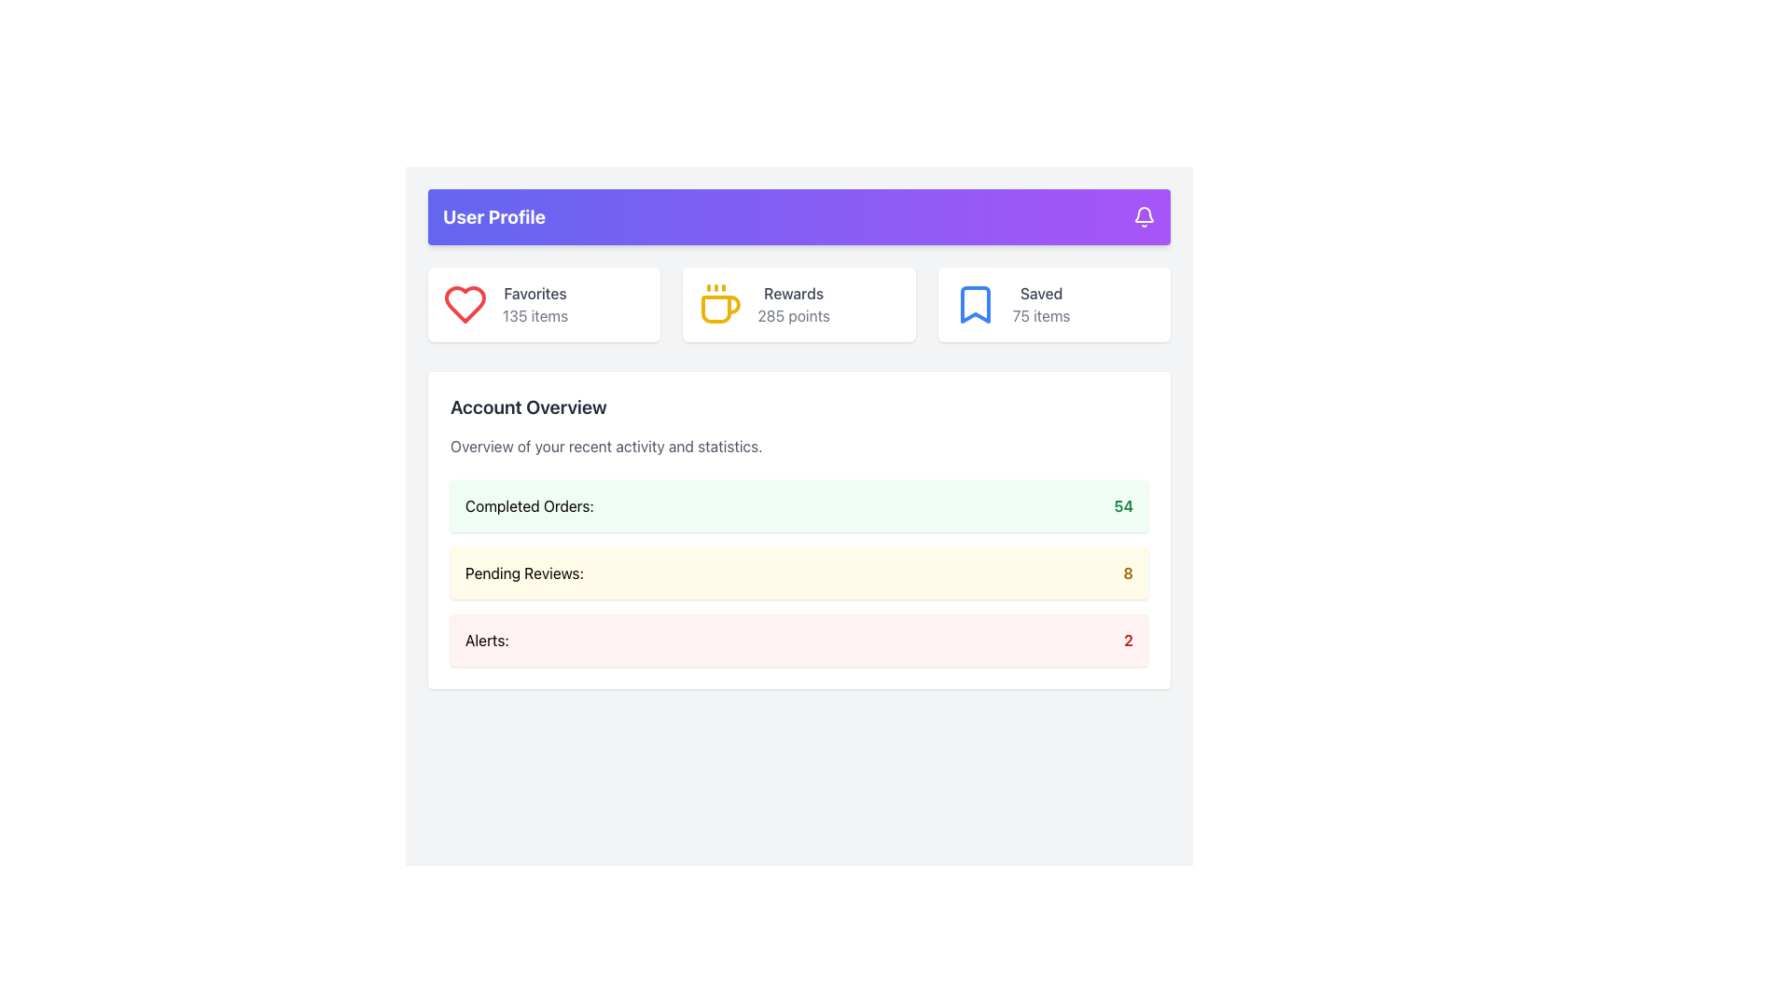 Image resolution: width=1791 pixels, height=1007 pixels. What do you see at coordinates (493, 215) in the screenshot?
I see `the bold white text label saying 'User Profile' on the gradient background transitioning from indigo to purple` at bounding box center [493, 215].